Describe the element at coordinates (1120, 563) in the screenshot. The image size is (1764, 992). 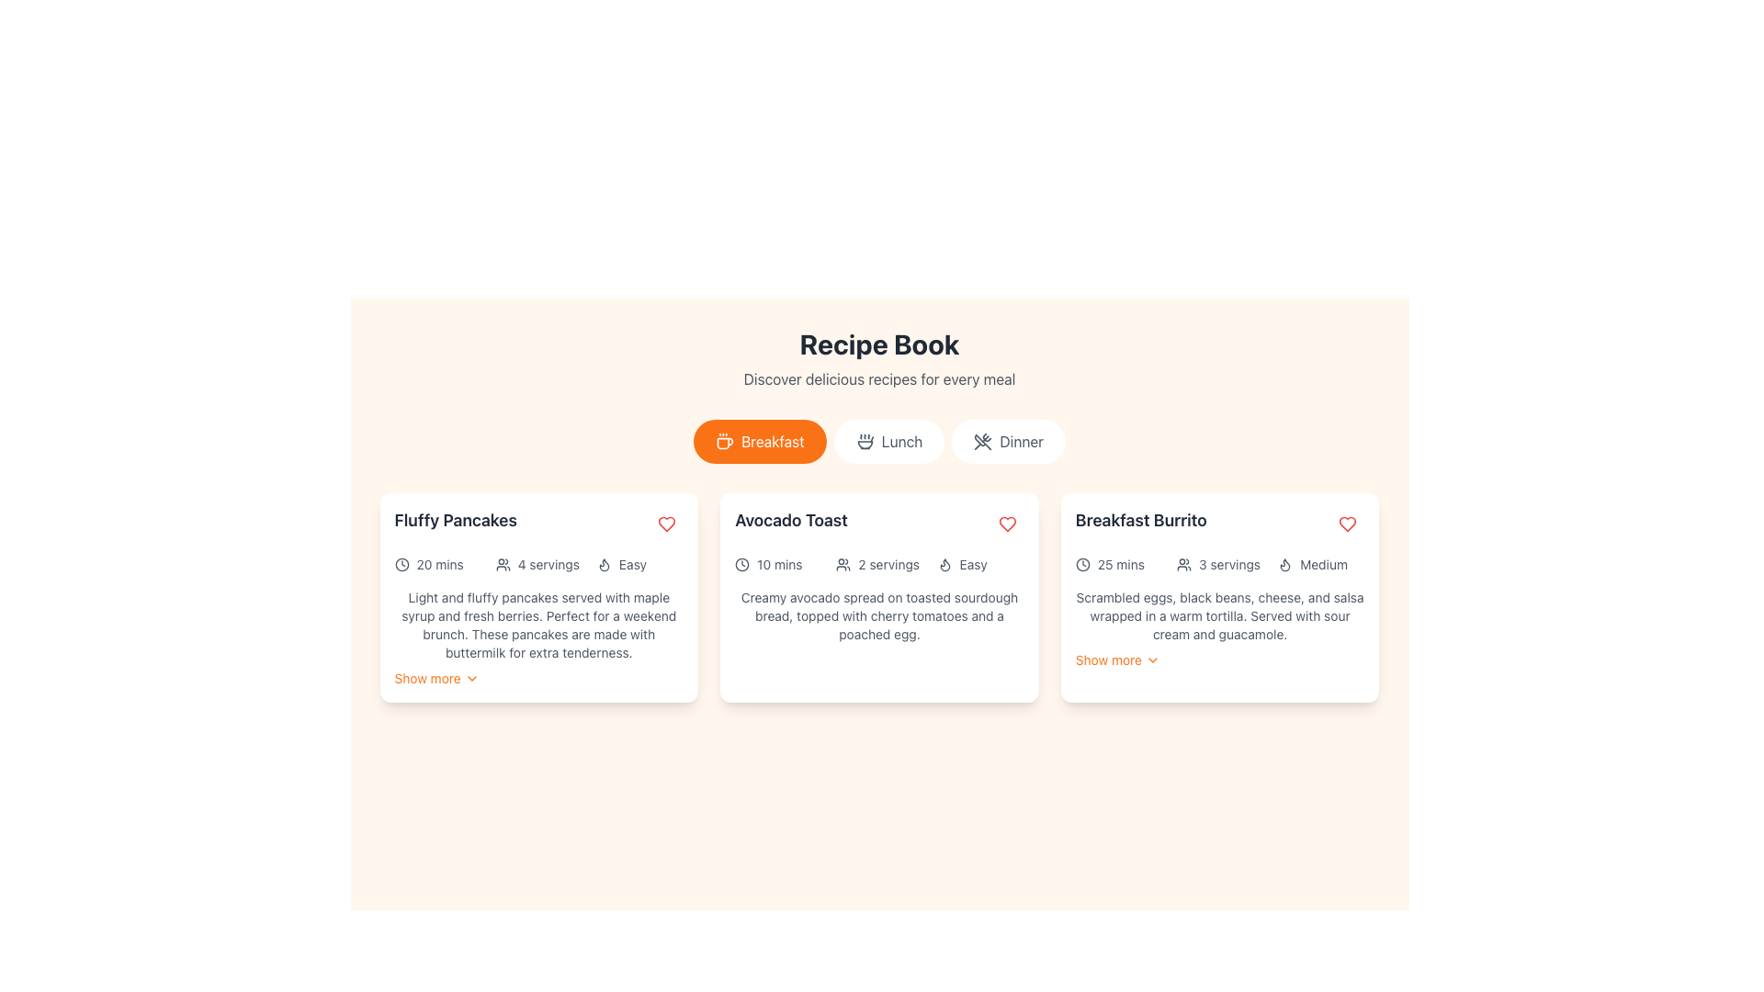
I see `the Text Label that specifies the preparation or cooking time for the 'Breakfast Burrito' recipe, located in the center right of the interface adjacent to the clock icon` at that location.